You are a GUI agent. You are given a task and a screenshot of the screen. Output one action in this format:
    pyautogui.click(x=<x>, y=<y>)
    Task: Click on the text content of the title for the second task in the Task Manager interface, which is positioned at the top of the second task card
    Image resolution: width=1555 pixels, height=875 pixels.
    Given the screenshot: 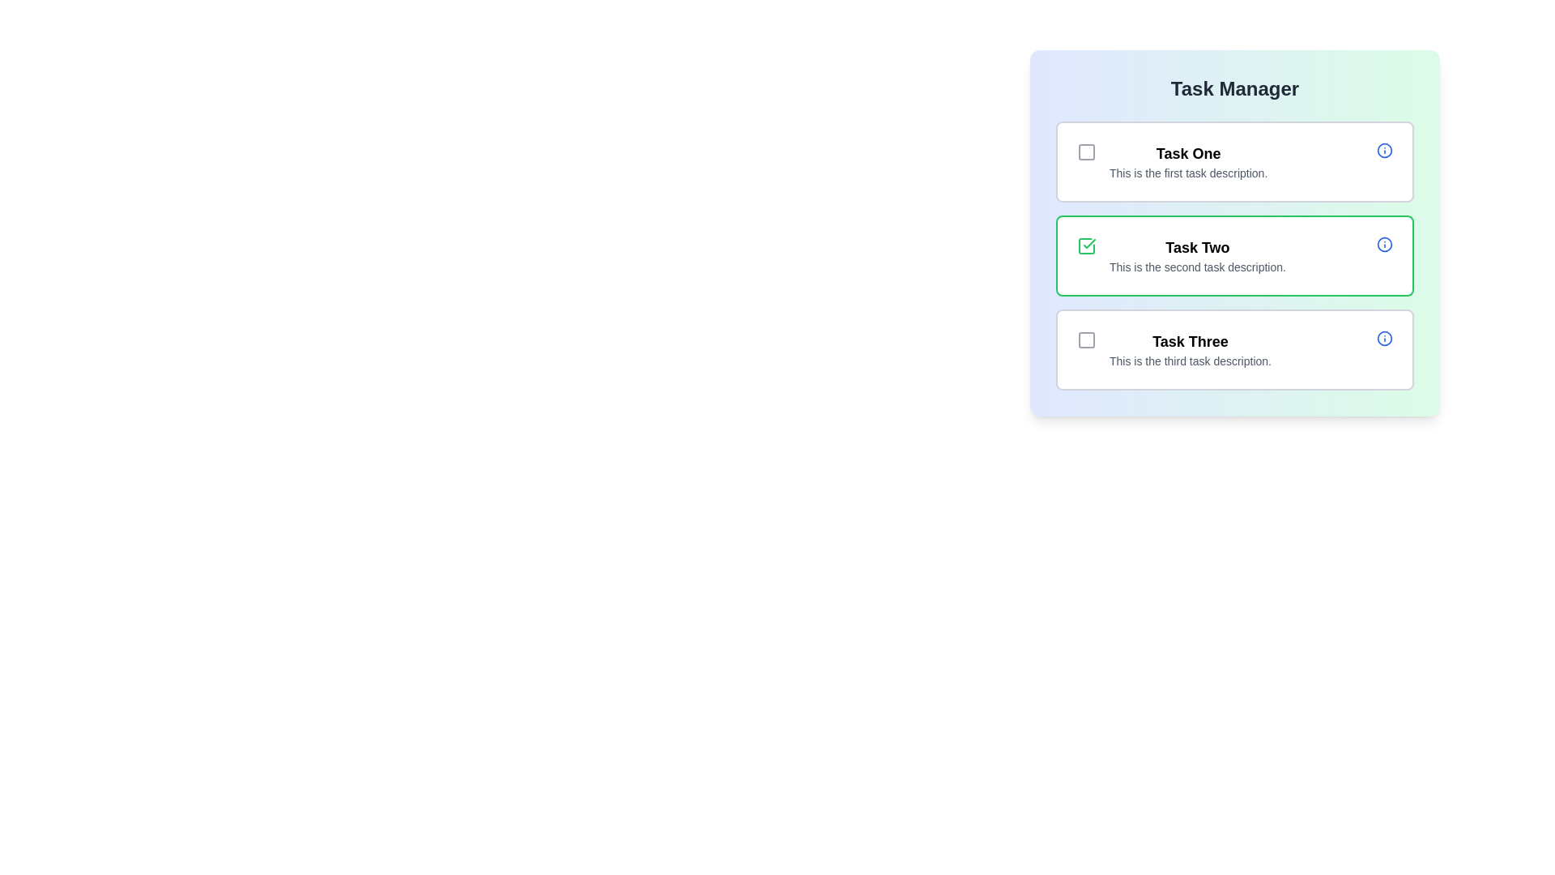 What is the action you would take?
    pyautogui.click(x=1197, y=247)
    